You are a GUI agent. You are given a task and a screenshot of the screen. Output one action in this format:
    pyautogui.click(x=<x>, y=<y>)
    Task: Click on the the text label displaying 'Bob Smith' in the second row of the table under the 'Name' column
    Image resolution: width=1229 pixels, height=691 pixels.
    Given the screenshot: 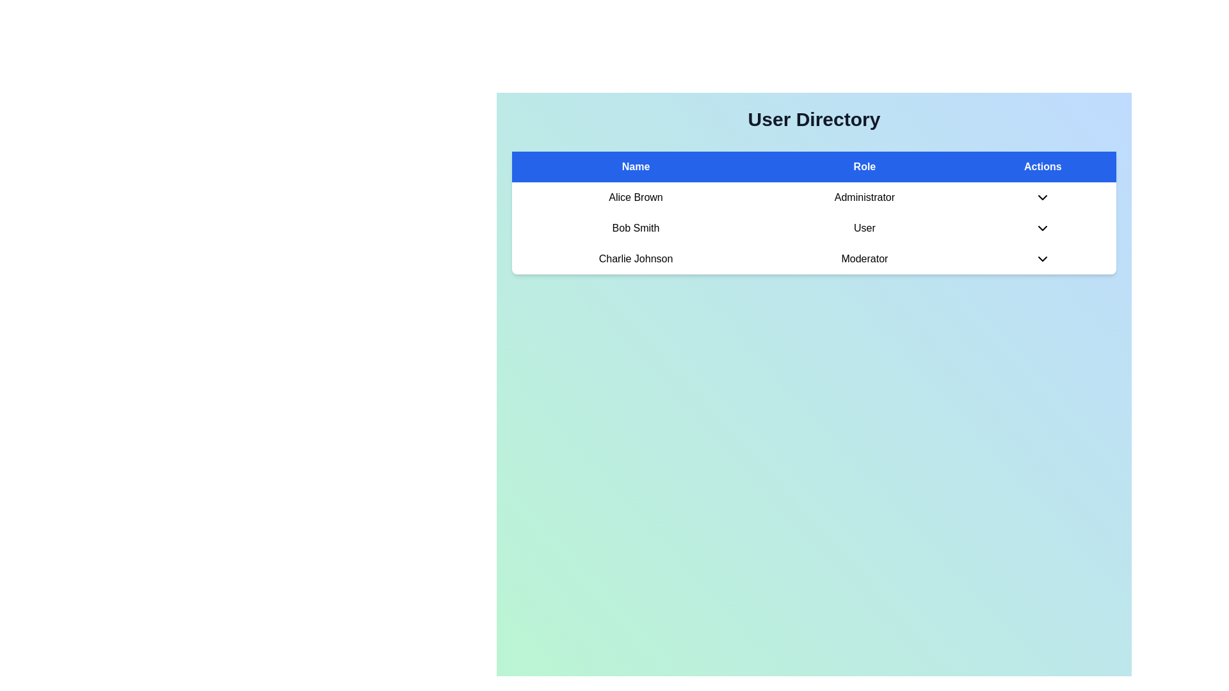 What is the action you would take?
    pyautogui.click(x=636, y=228)
    